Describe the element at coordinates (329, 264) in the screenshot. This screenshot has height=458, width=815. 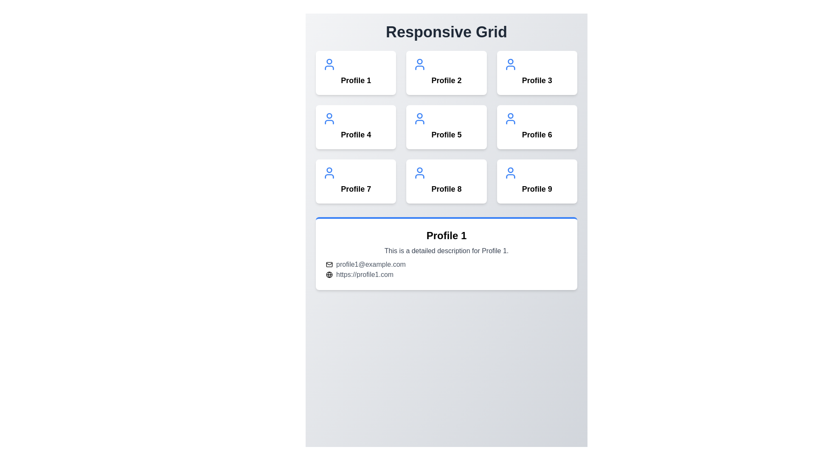
I see `the email icon located to the left of the text 'profile1@example.com' in the details section of 'Profile 1'` at that location.